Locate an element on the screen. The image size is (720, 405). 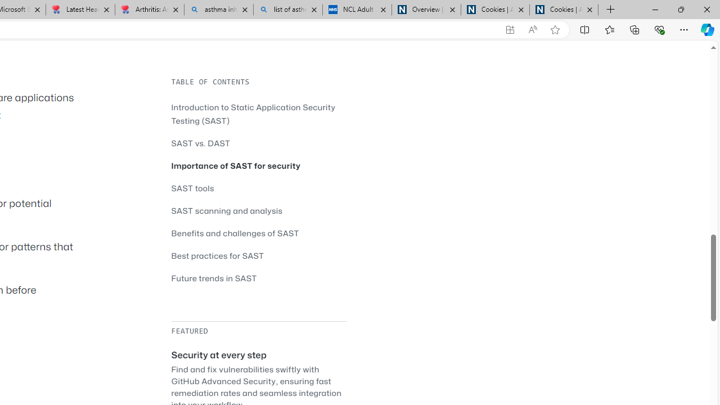
'Benefits and challenges of SAST' is located at coordinates (258, 232).